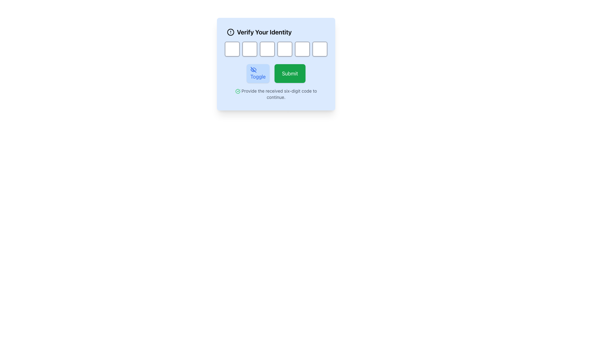  I want to click on the third input field for entering a digit of the six-digit verification code, so click(276, 49).